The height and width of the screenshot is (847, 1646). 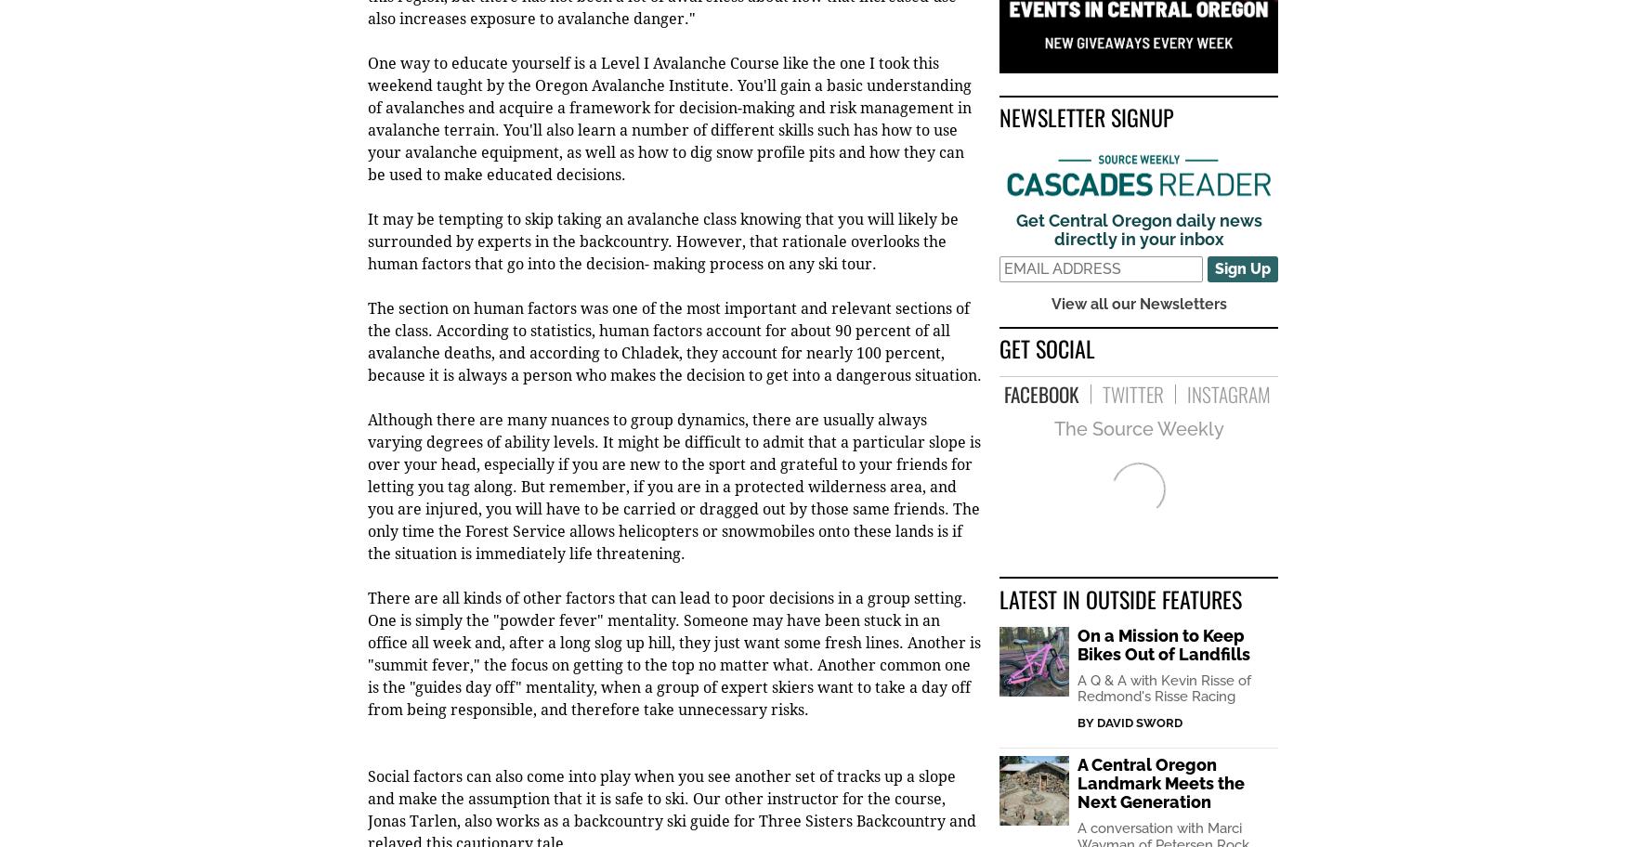 I want to click on 'Although there are many nuances to group dynamics, there are usually always varying degrees of ability levels. It might be difficult to admit that a particular slope is over your head, especially if you are new to the sport and grateful to your friends for letting you tag along. But remember, if you are in a protected wilderness area, and you are injured, you will have to be carried or dragged out by those same friends. The only time the Forest Service allows helicopters or snowmobiles onto these lands is if the situation is immediately life threatening.', so click(x=673, y=487).